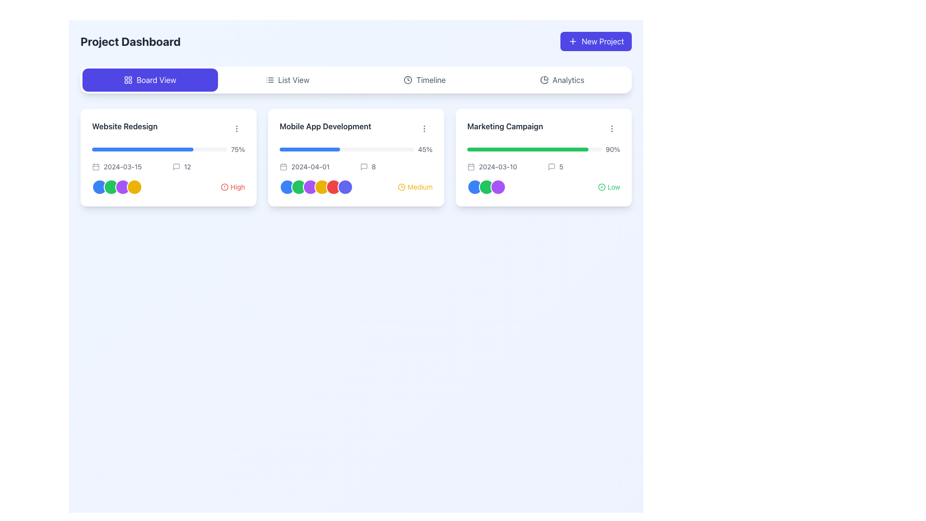 The width and height of the screenshot is (926, 521). I want to click on the visual indicator of the progress bar for the 'Mobile App Development' project to estimate its completion percentage, so click(355, 149).